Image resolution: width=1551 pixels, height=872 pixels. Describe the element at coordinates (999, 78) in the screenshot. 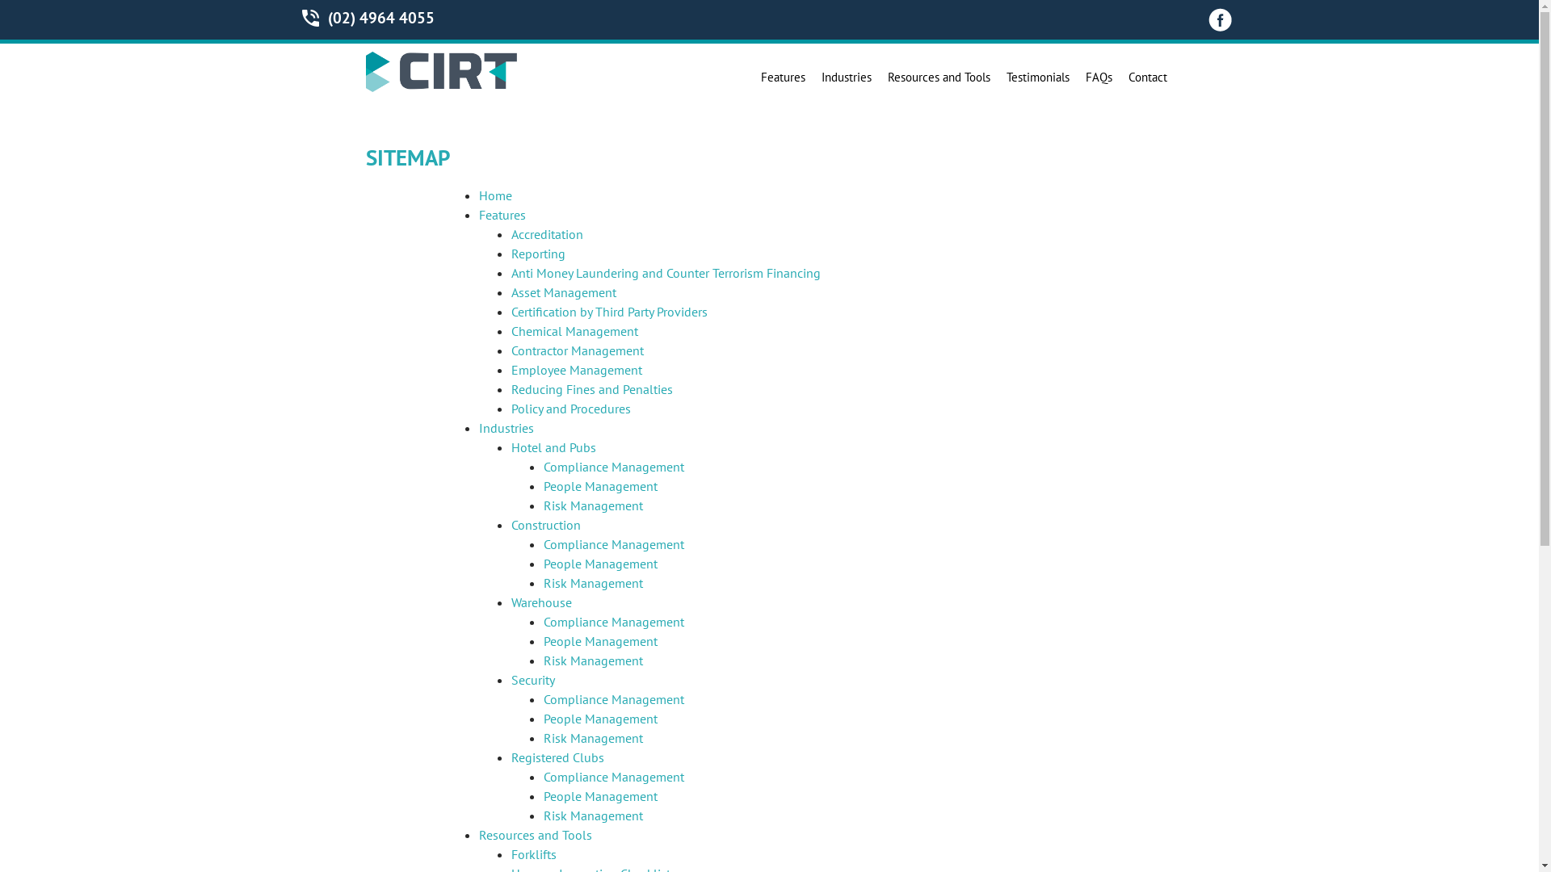

I see `'Testimonials'` at that location.